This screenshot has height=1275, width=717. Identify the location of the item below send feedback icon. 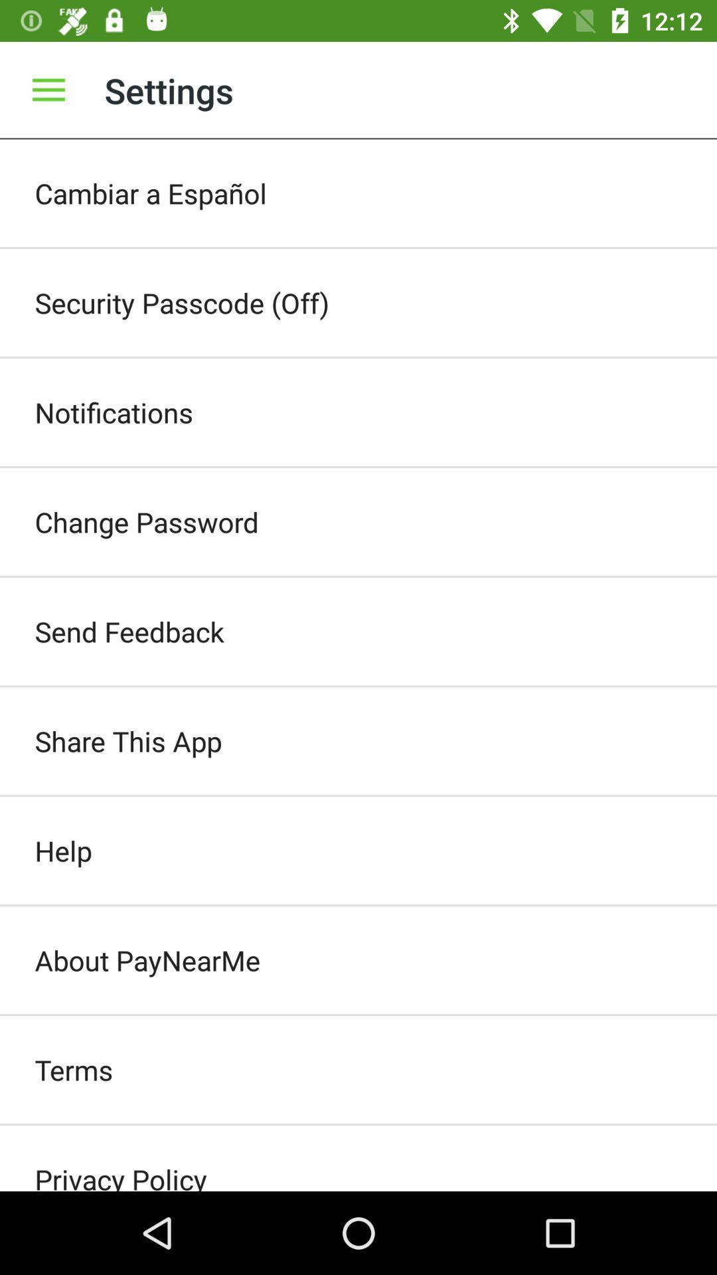
(358, 740).